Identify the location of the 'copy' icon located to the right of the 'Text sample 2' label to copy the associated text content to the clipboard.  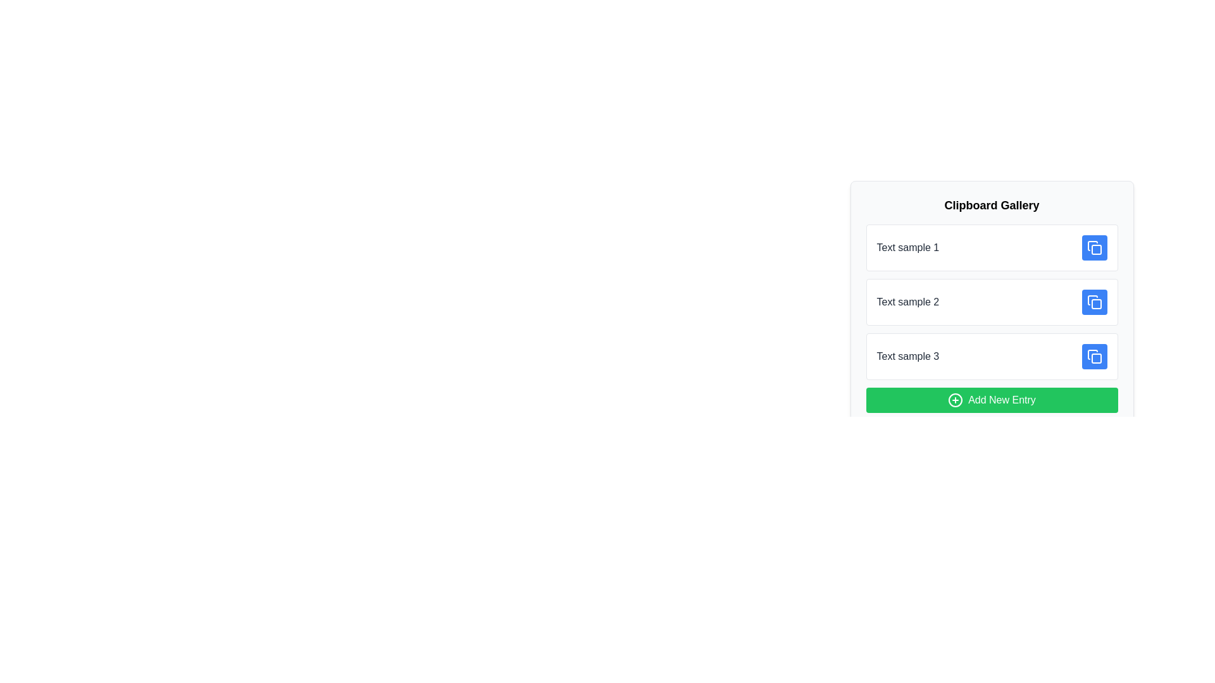
(1093, 302).